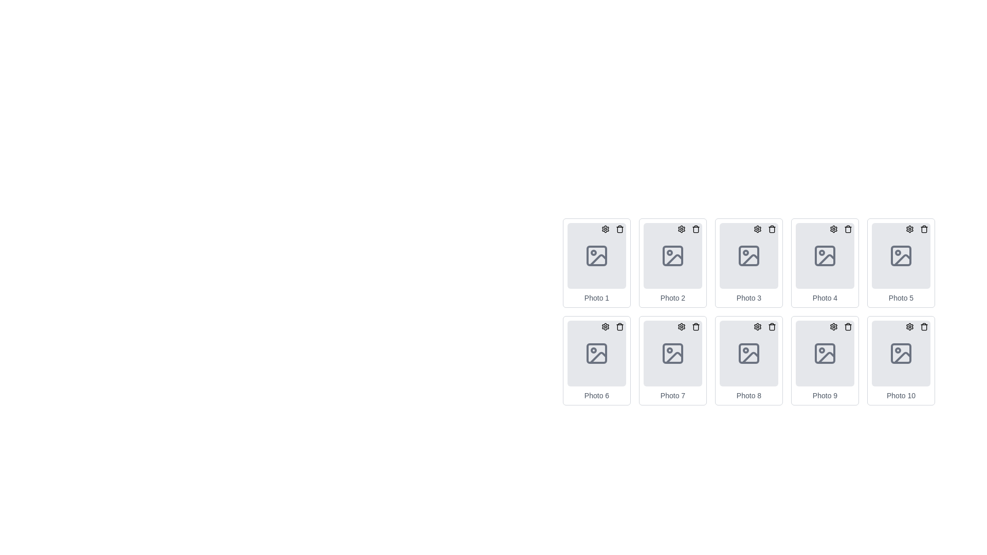  I want to click on the SVG image icon styled with a light gray color and rounded corners located in the ninth position of the grid, so click(825, 353).